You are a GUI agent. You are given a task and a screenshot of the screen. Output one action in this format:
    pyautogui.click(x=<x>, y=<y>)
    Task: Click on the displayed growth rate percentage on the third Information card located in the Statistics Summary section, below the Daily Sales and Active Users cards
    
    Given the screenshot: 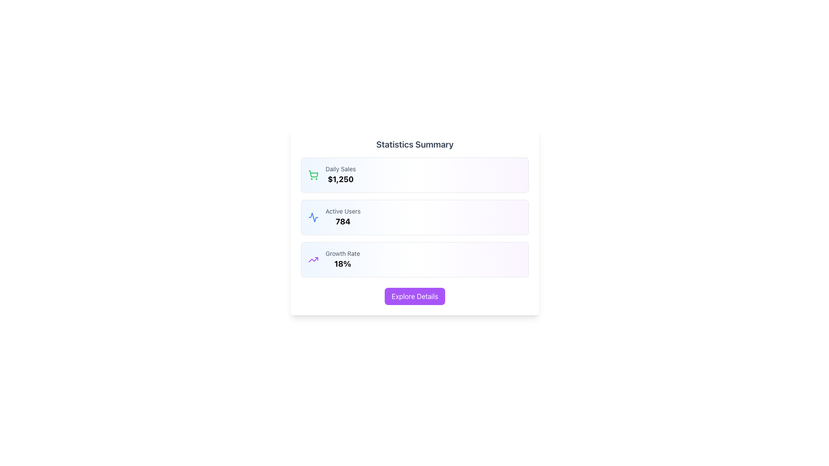 What is the action you would take?
    pyautogui.click(x=414, y=259)
    